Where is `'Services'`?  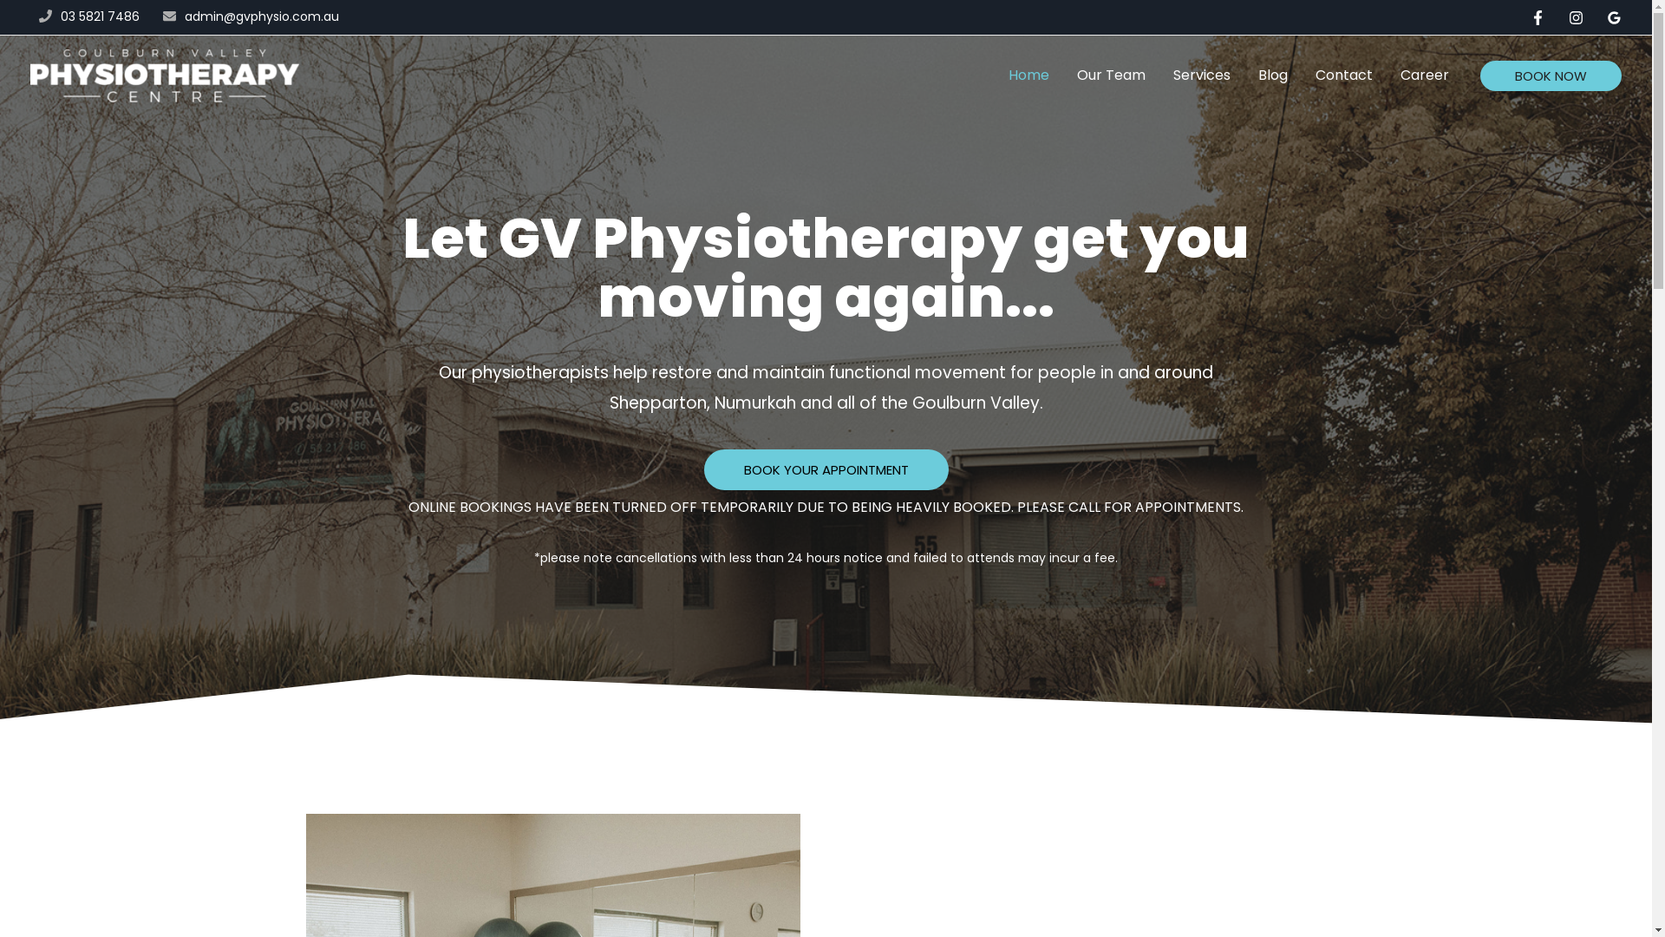 'Services' is located at coordinates (1201, 75).